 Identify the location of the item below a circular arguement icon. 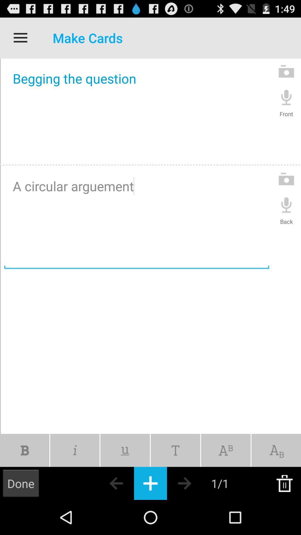
(125, 450).